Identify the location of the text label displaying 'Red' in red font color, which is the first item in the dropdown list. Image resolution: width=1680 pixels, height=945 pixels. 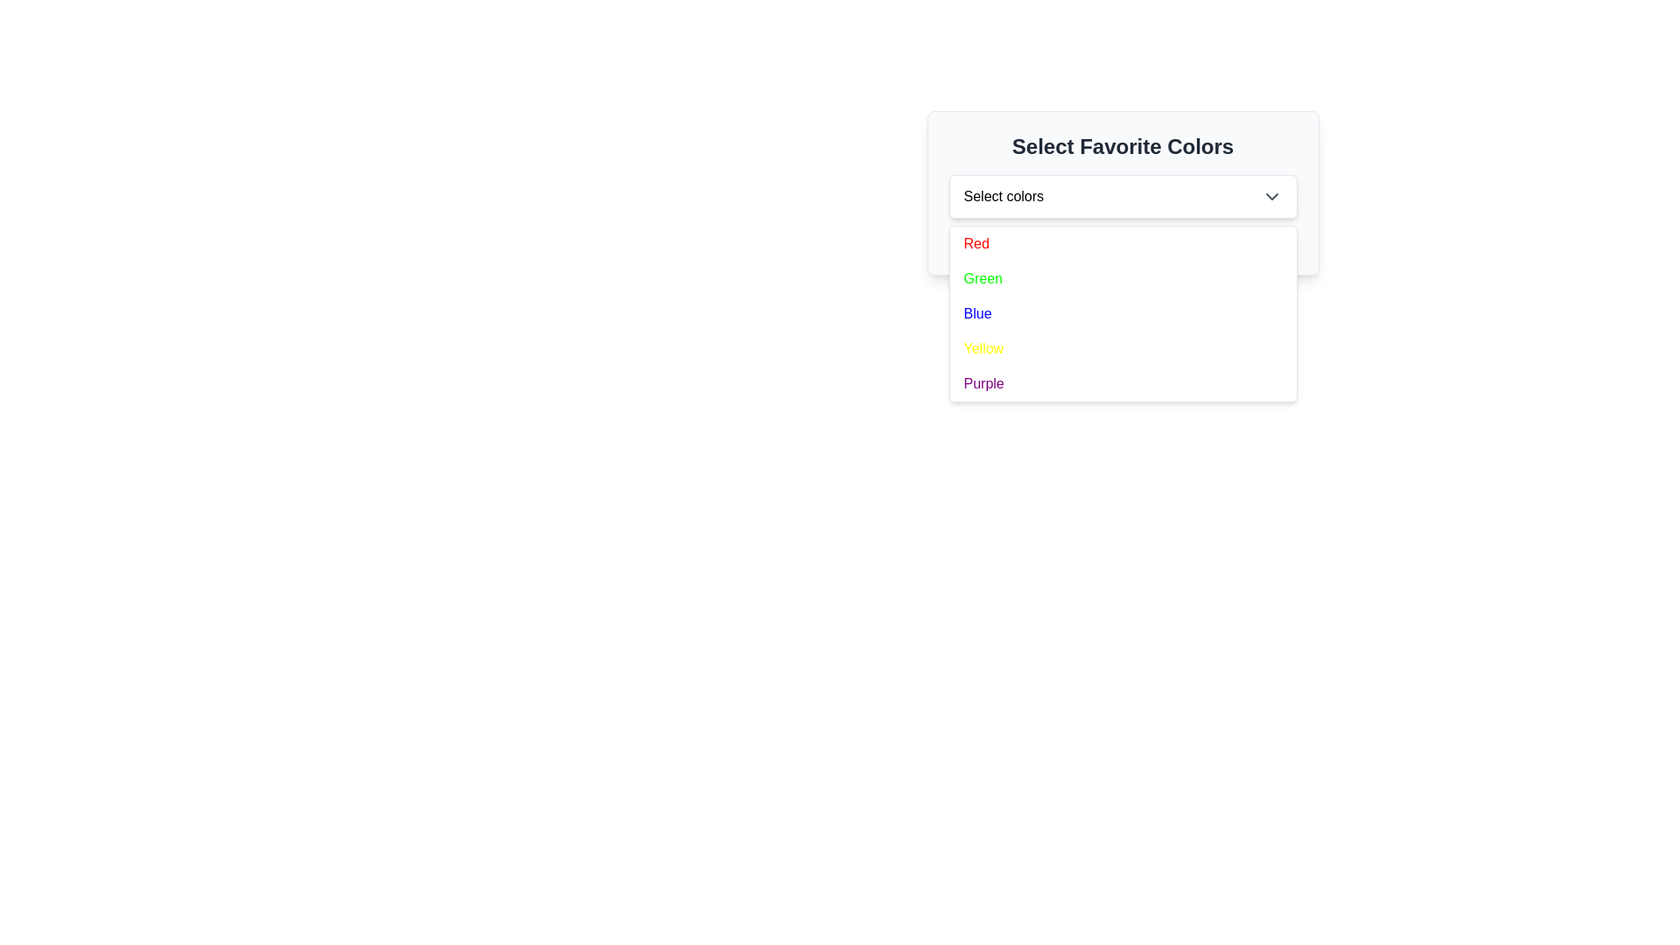
(976, 243).